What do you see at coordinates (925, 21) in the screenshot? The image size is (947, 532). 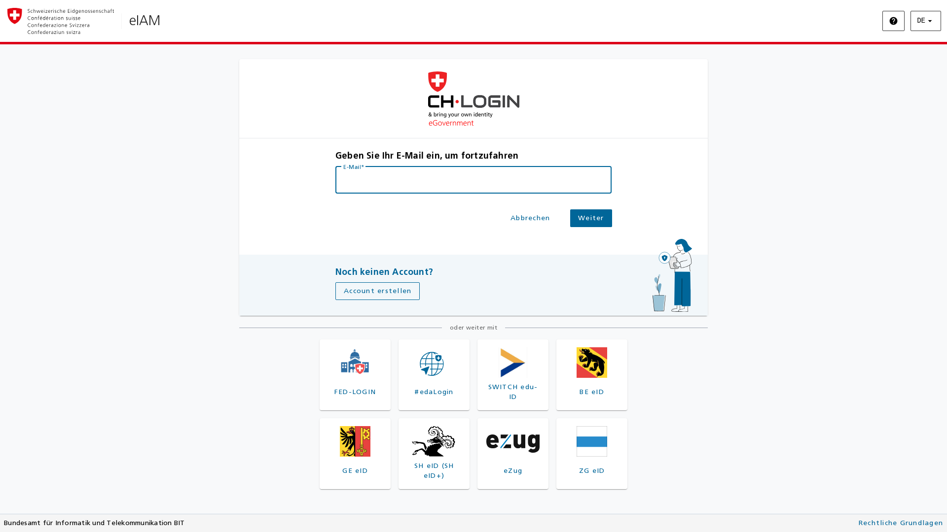 I see `'DE` at bounding box center [925, 21].